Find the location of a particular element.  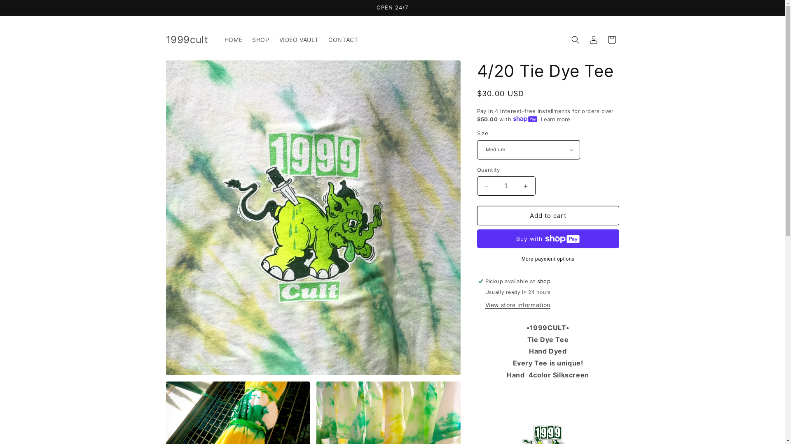

'Add to cart' is located at coordinates (548, 215).